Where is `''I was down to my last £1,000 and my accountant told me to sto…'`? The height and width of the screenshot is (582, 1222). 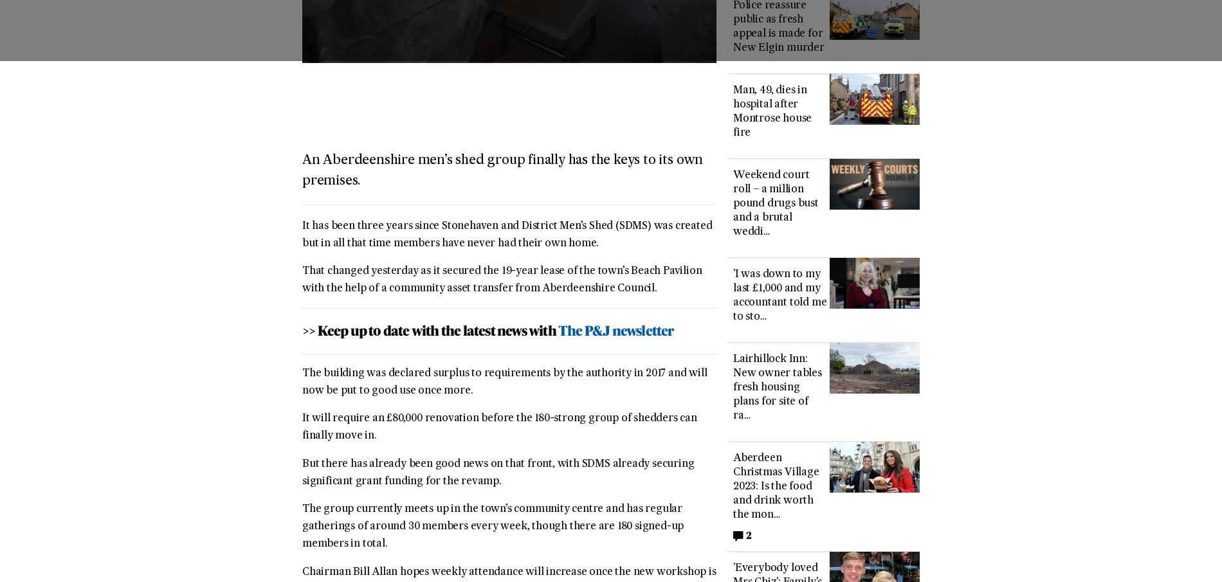
''I was down to my last £1,000 and my accountant told me to sto…' is located at coordinates (779, 296).